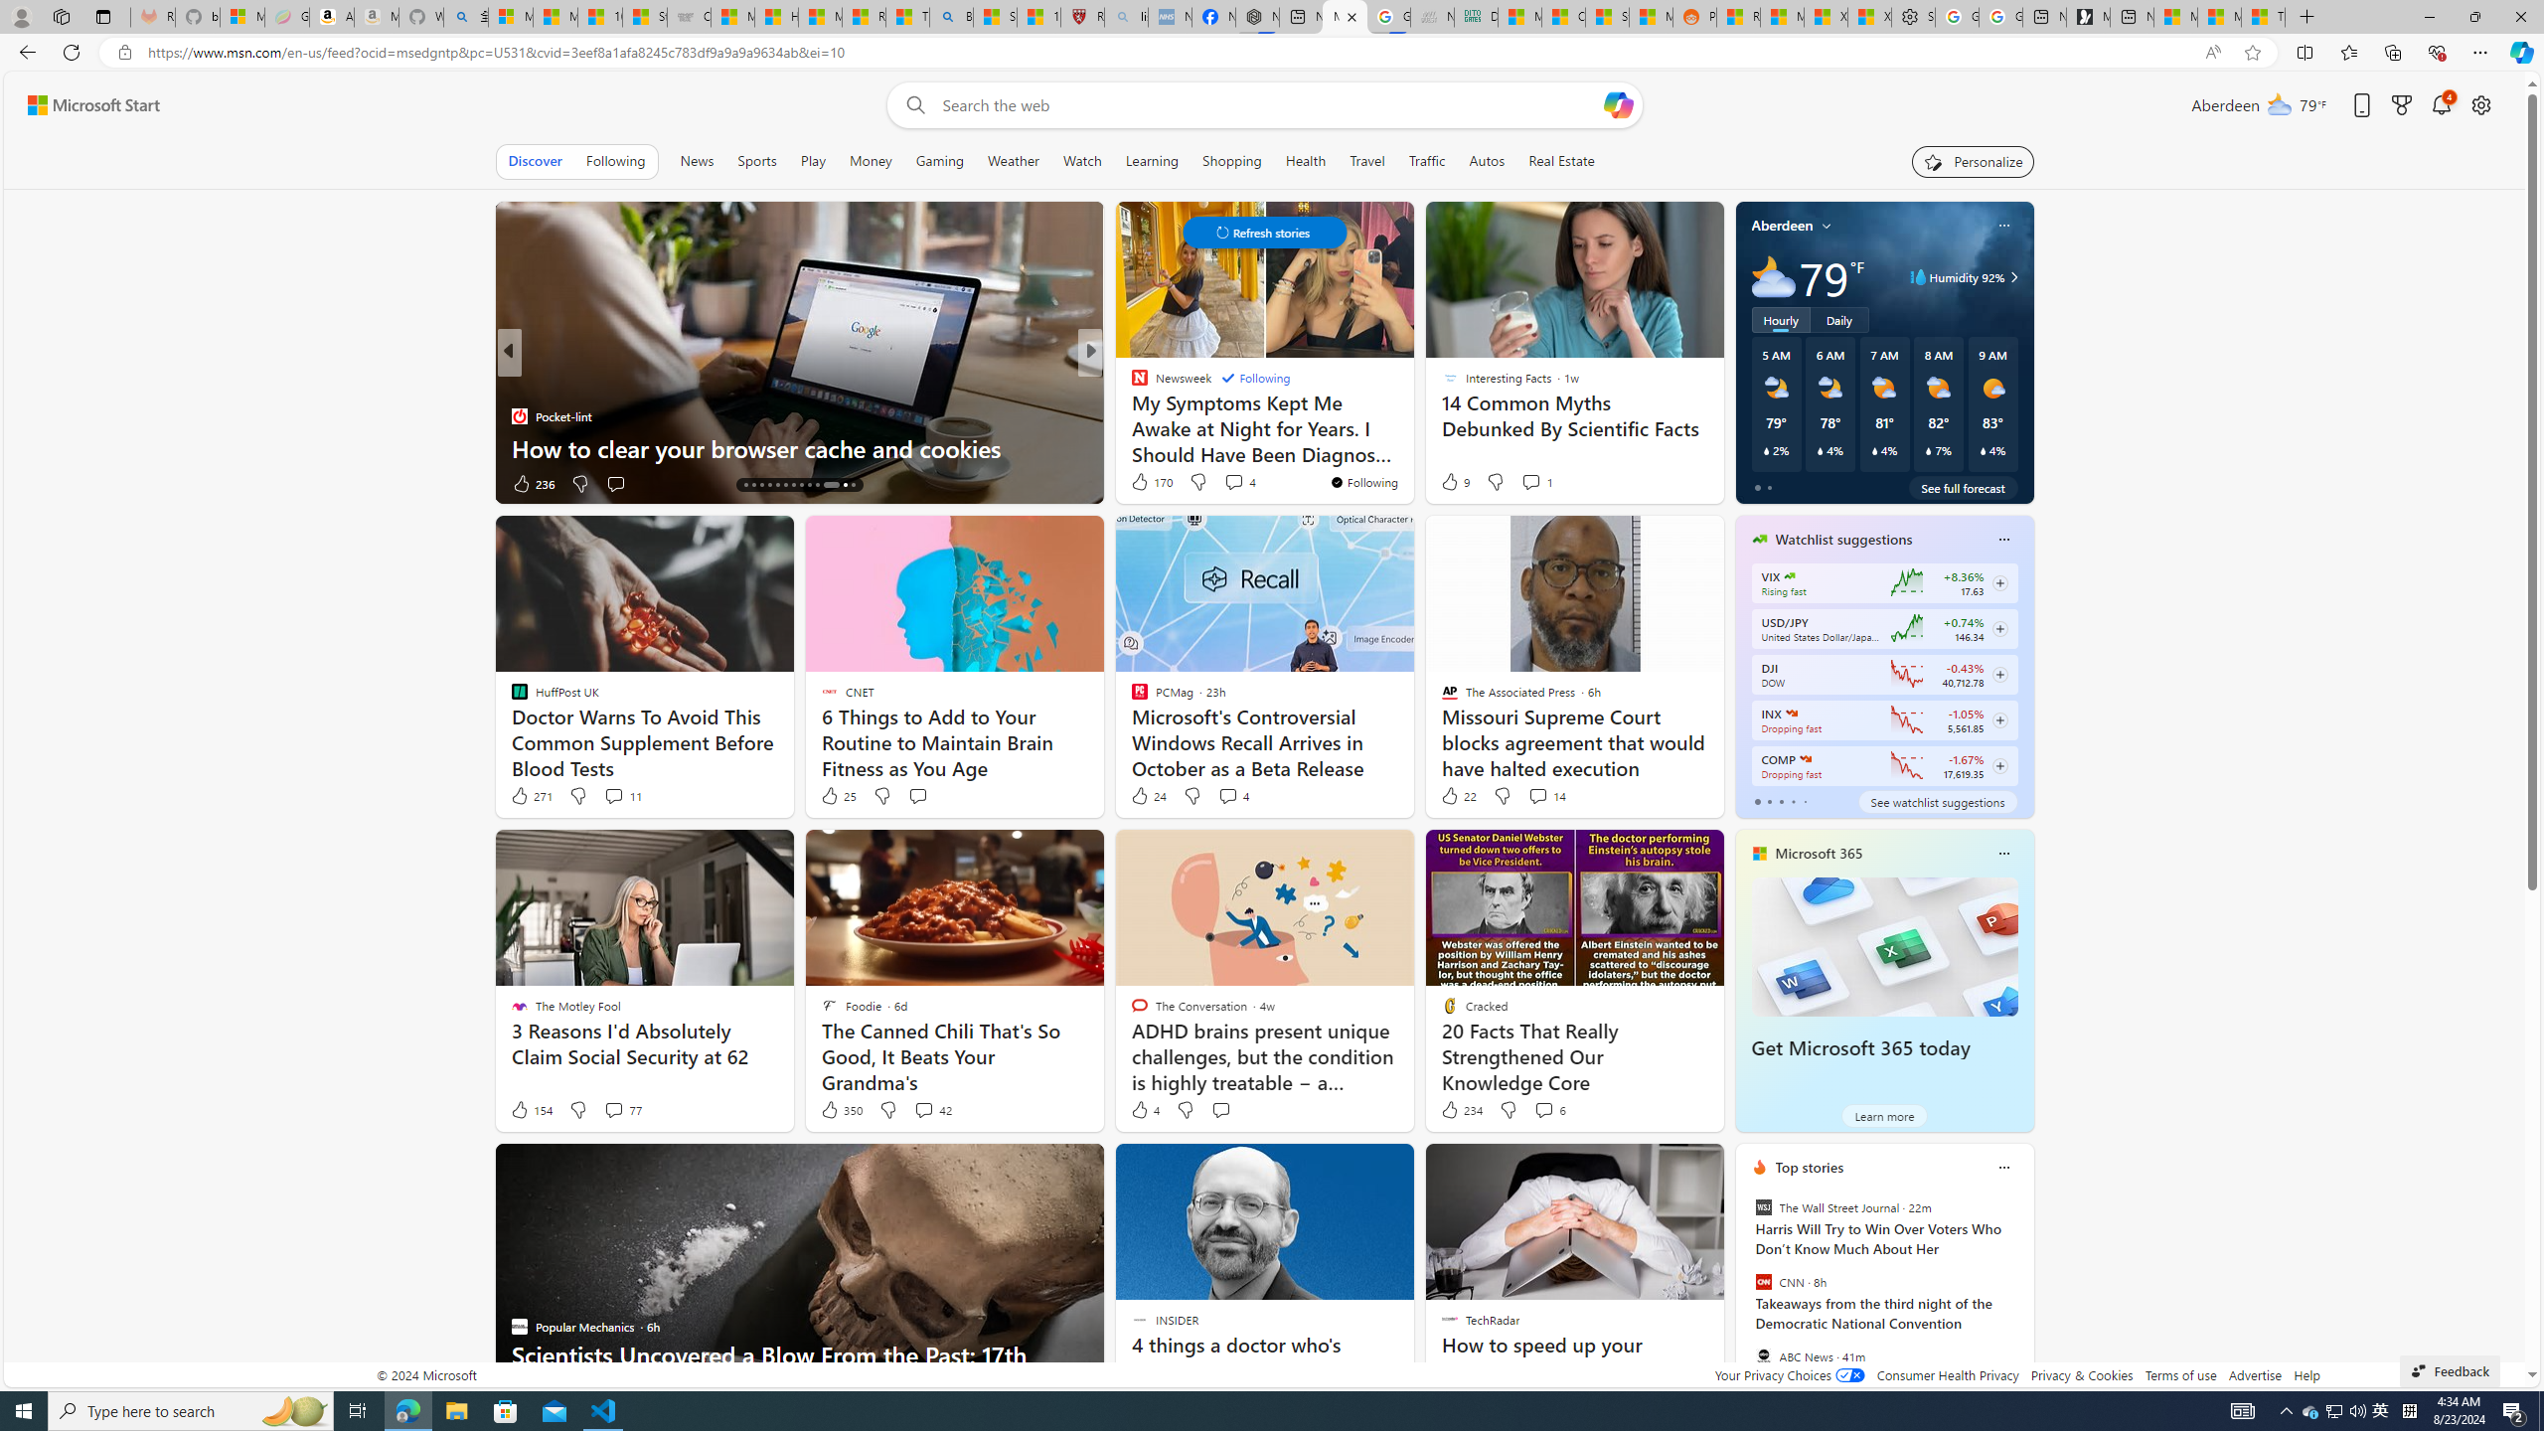 Image resolution: width=2544 pixels, height=1431 pixels. I want to click on 'View comments 77 Comment', so click(611, 1110).